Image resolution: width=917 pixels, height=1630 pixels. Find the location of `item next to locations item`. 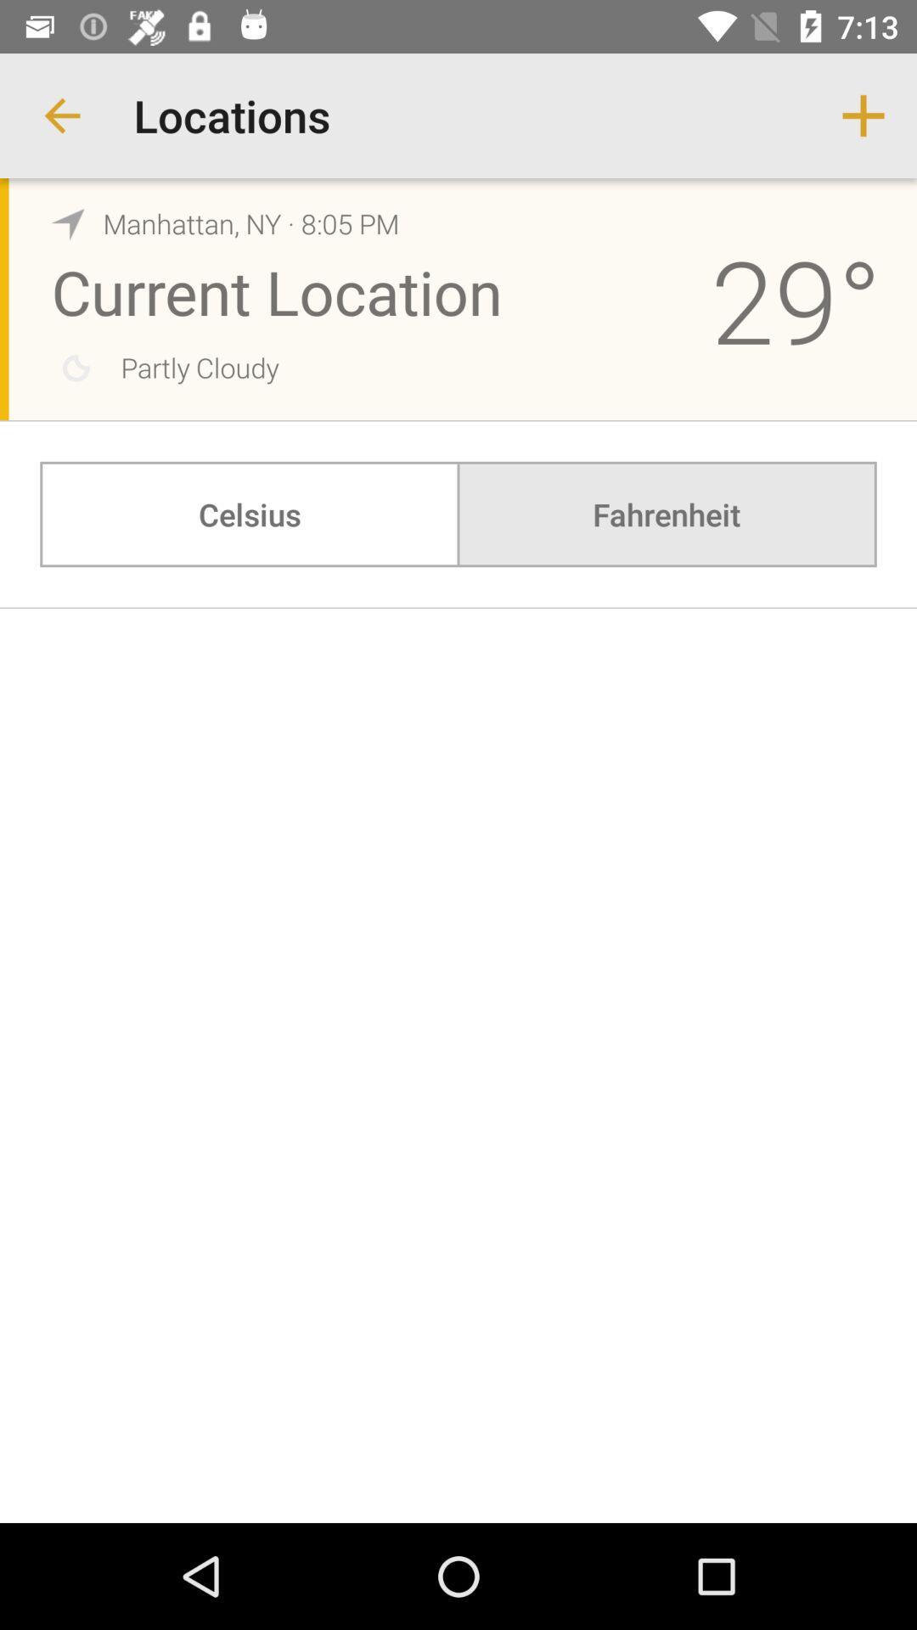

item next to locations item is located at coordinates (864, 115).